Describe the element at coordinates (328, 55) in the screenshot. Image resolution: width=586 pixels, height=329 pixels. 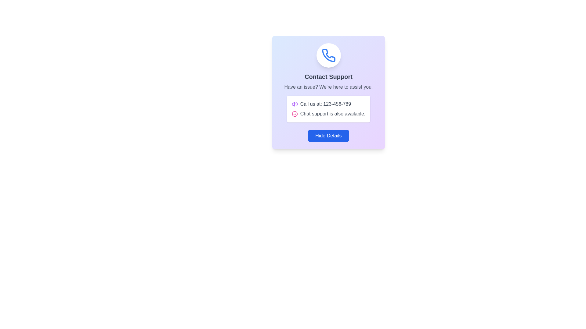
I see `the white circular button with a blue phone icon located above the 'Contact Support' title in the card-like dialog box` at that location.